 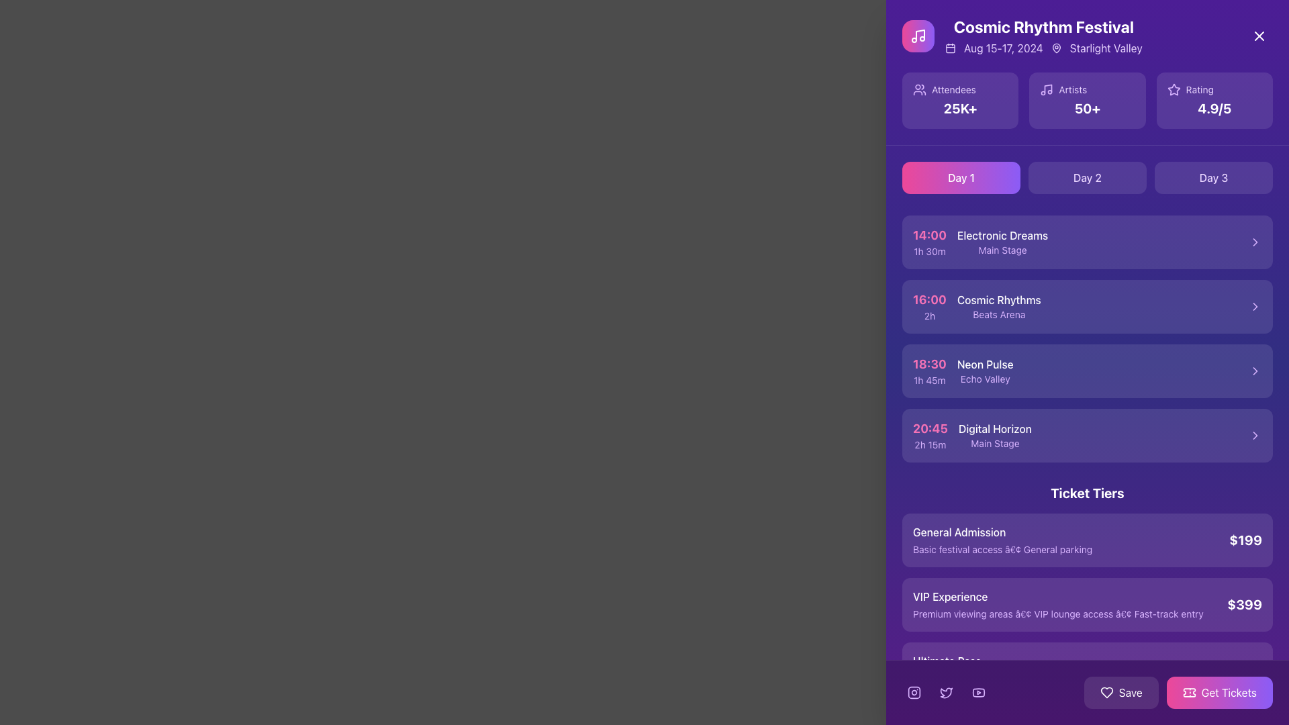 What do you see at coordinates (930, 445) in the screenshot?
I see `the static text indicating the duration of the event located below the larger timestamp '20:45' within the 'Digital Horizon' event card` at bounding box center [930, 445].